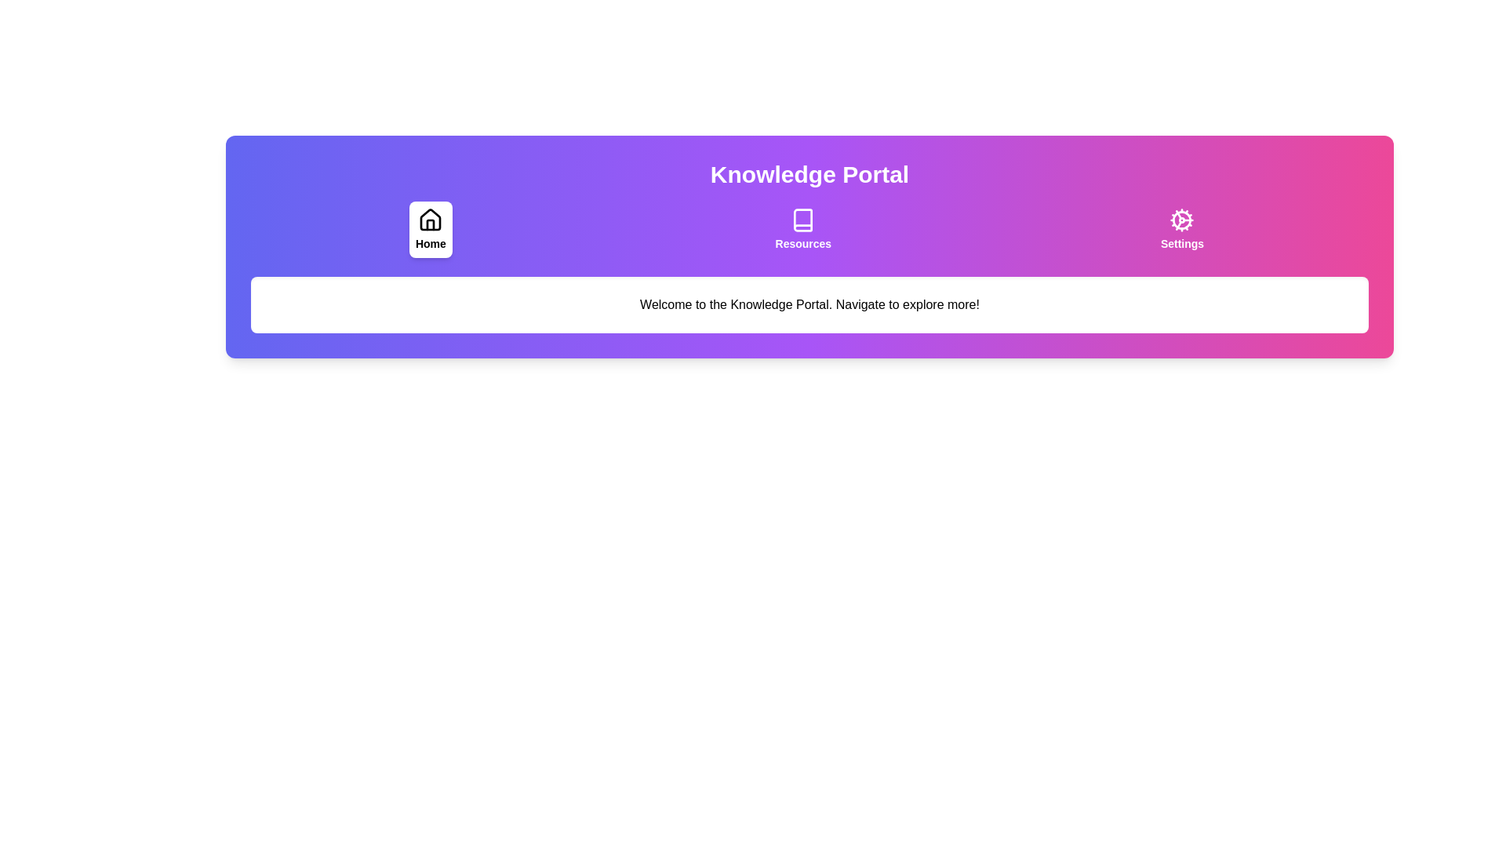  Describe the element at coordinates (430, 230) in the screenshot. I see `the Home tab` at that location.